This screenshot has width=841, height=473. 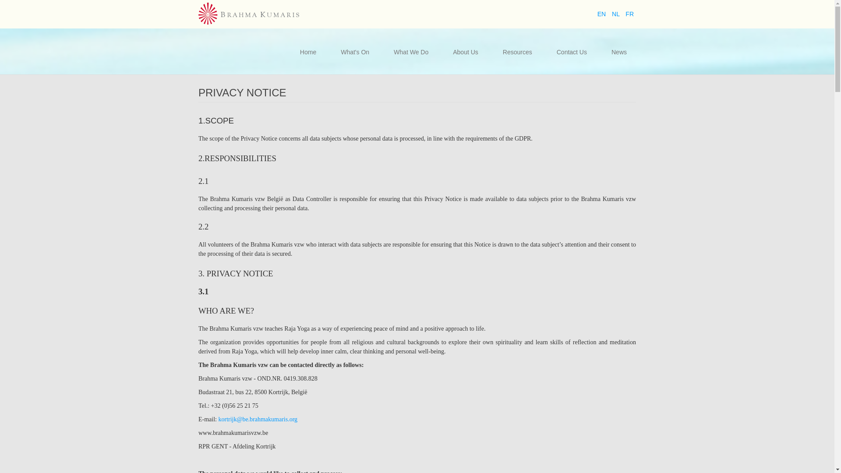 I want to click on 'Resources', so click(x=517, y=52).